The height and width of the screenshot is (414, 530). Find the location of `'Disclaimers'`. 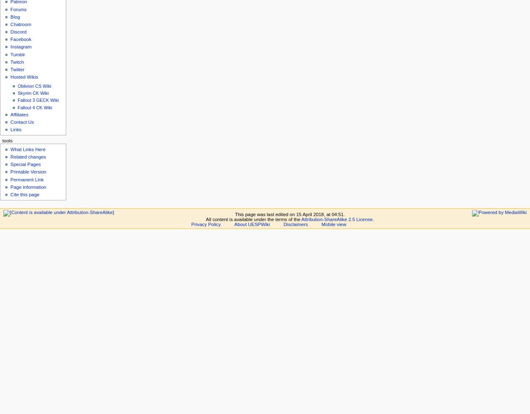

'Disclaimers' is located at coordinates (295, 224).